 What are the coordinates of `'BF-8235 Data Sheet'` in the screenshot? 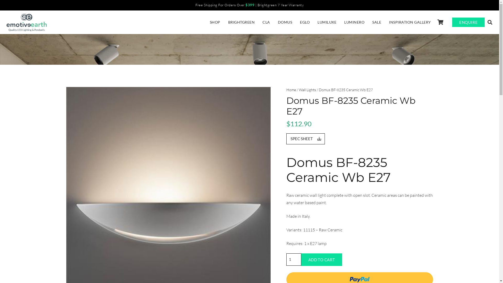 It's located at (305, 138).